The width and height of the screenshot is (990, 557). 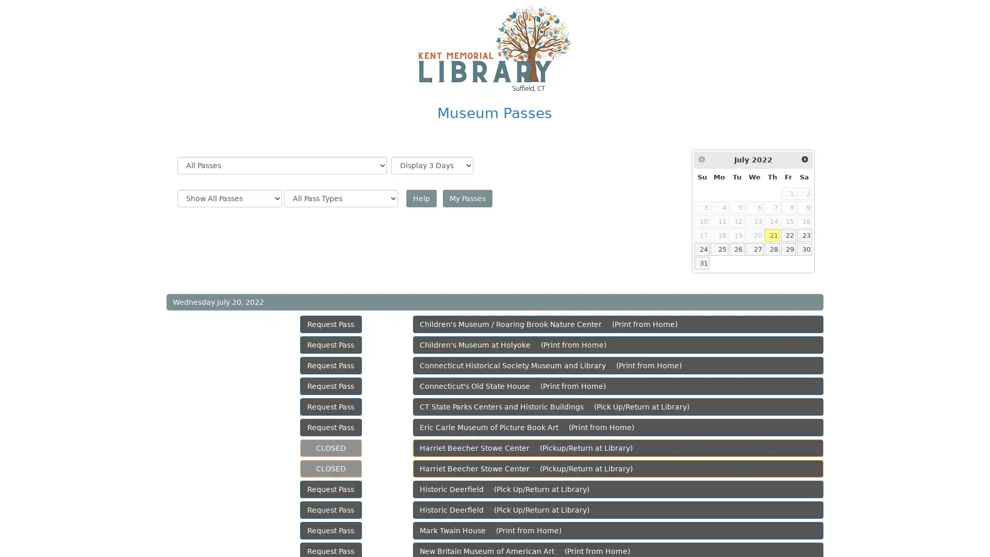 What do you see at coordinates (331, 447) in the screenshot?
I see `CLOSED` at bounding box center [331, 447].